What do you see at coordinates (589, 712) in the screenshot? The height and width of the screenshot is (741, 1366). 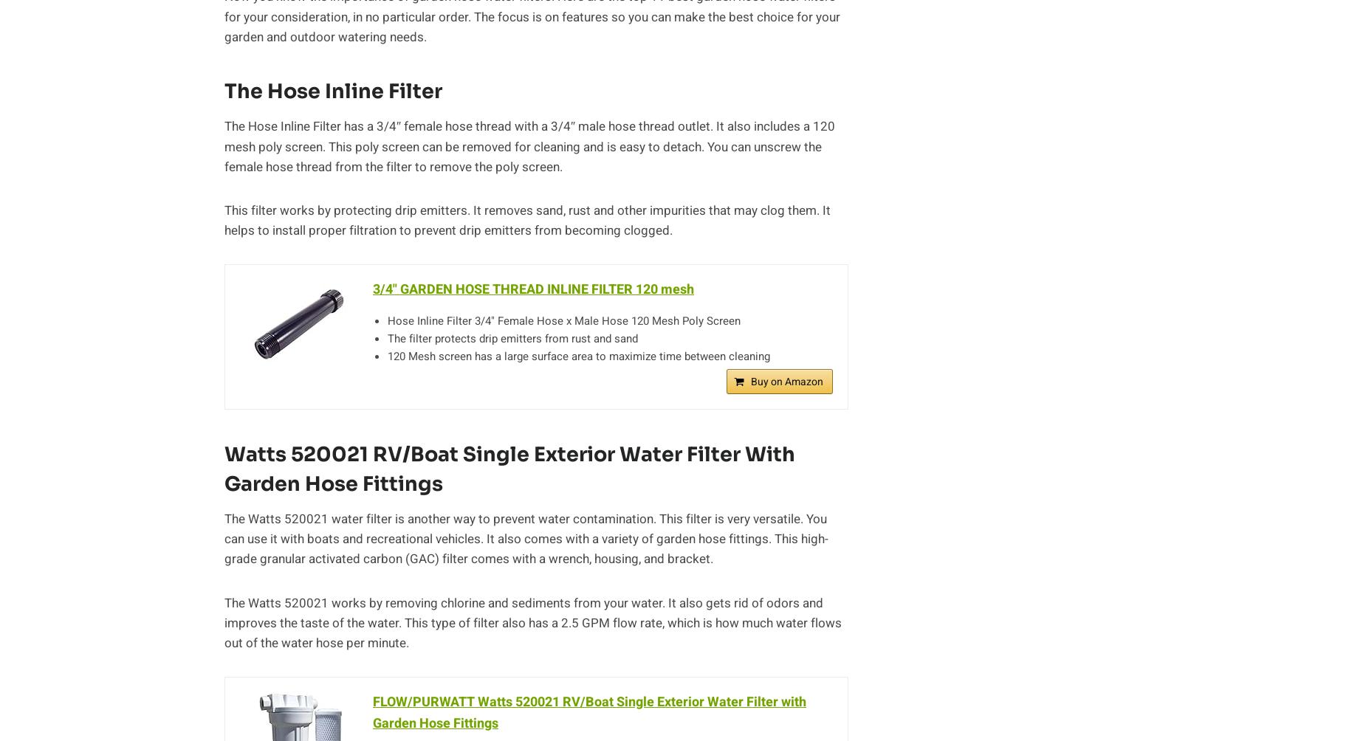 I see `'FLOW/PURWATT Watts 520021 RV/Boat Single Exterior Water Filter with Garden Hose Fittings'` at bounding box center [589, 712].